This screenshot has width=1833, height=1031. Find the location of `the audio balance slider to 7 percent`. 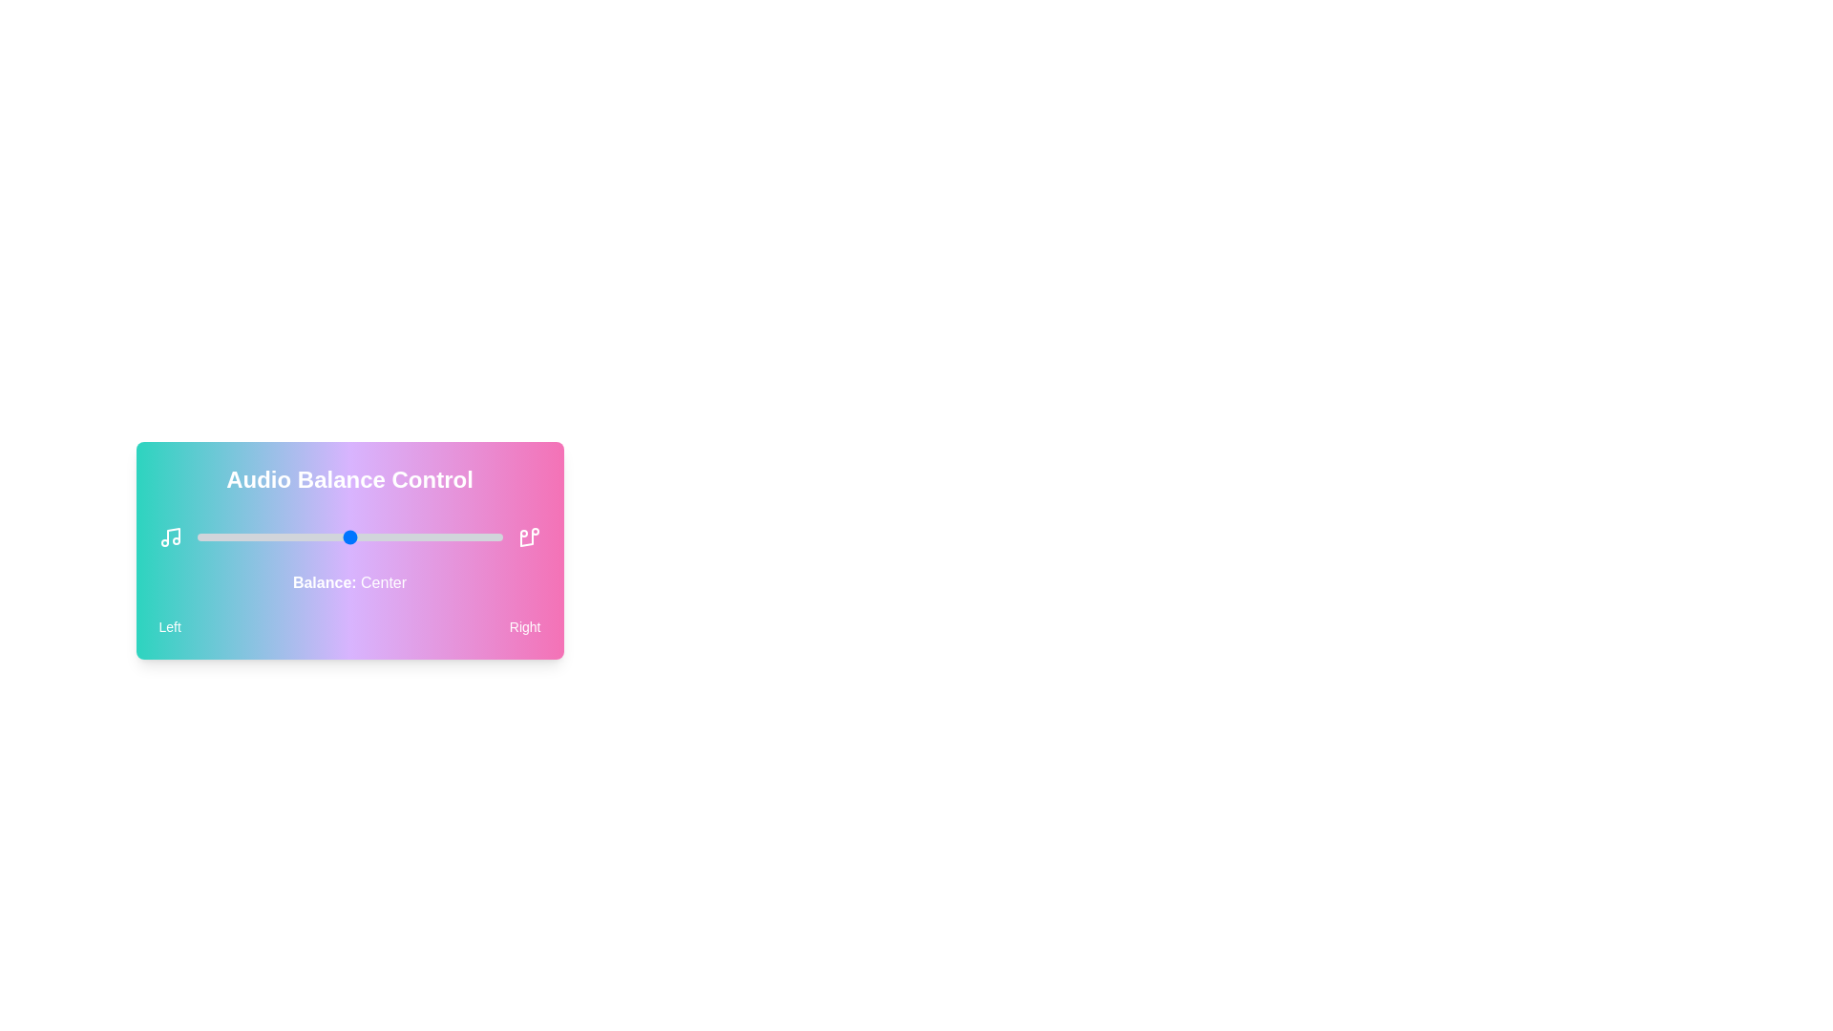

the audio balance slider to 7 percent is located at coordinates (218, 537).